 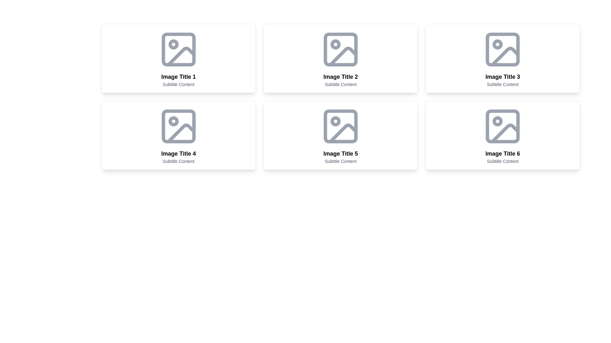 What do you see at coordinates (340, 84) in the screenshot?
I see `the text label displaying 'Subtitle Content', which is located below the headline 'Image Title 2' within a card-like component` at bounding box center [340, 84].